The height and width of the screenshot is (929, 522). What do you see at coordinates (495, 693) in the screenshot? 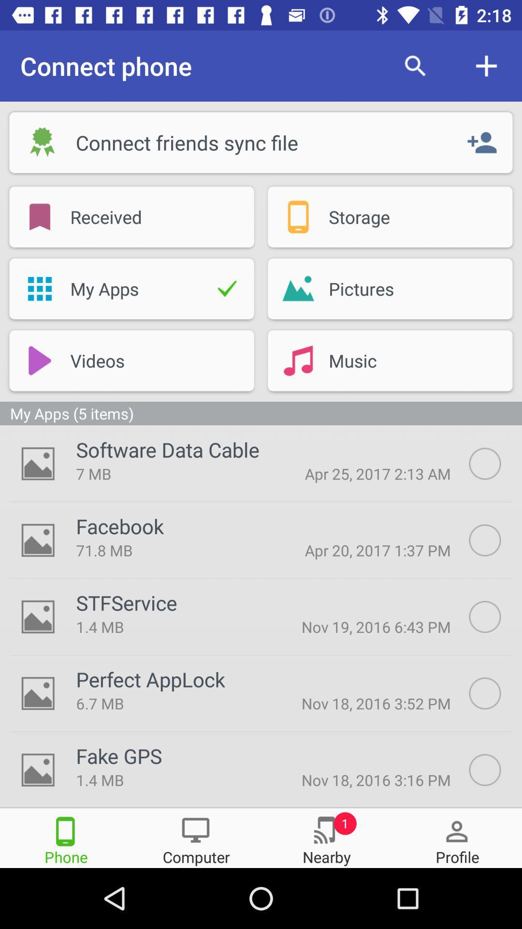
I see `this option` at bounding box center [495, 693].